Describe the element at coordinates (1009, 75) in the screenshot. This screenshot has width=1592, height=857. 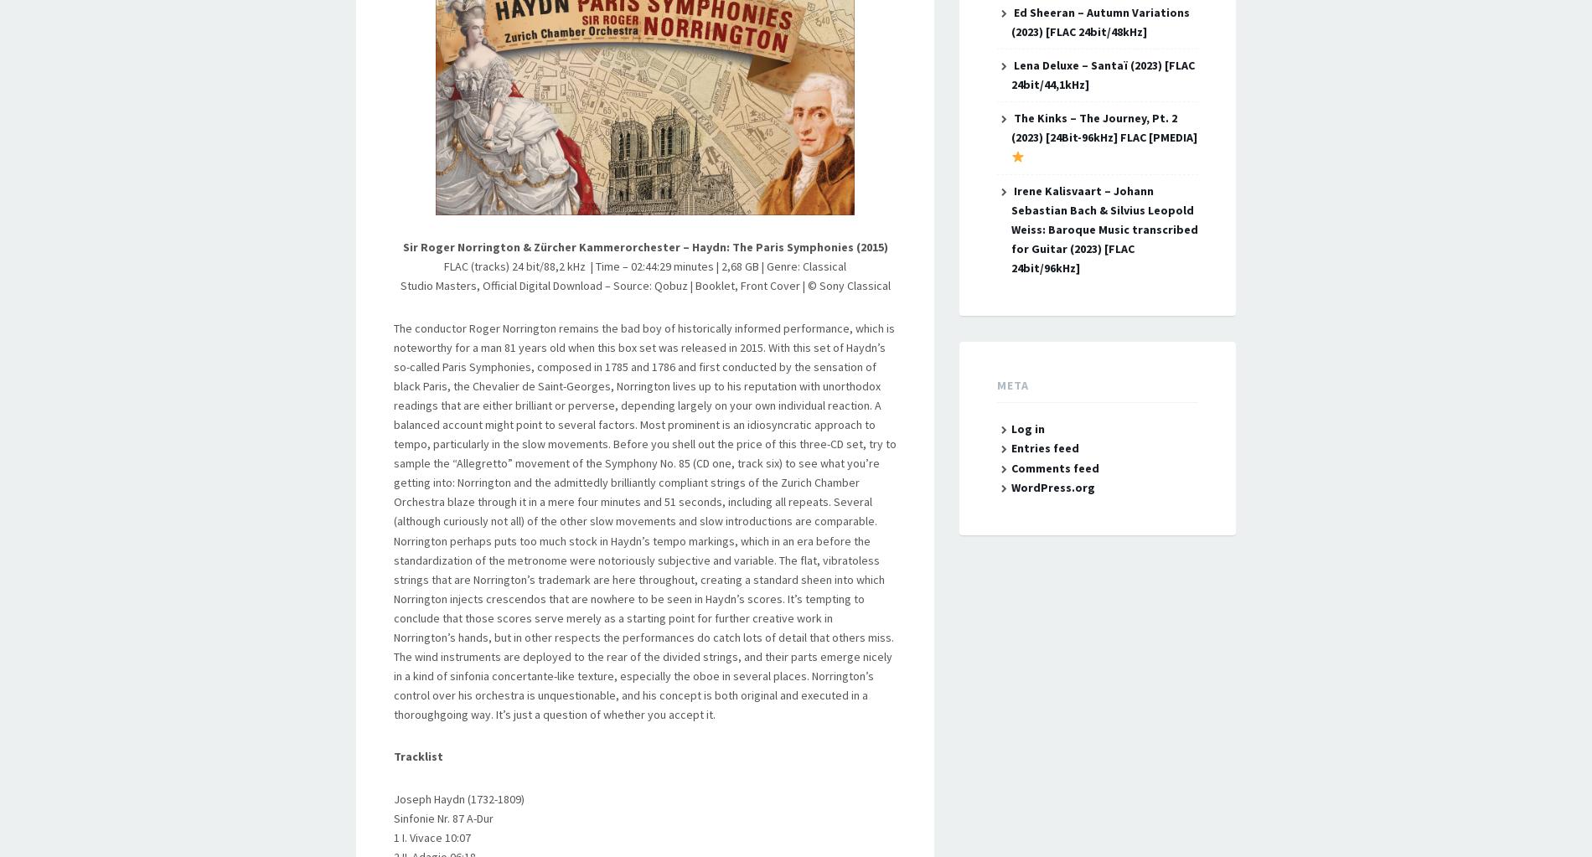
I see `'Lena Deluxe – Santaï (2023) [FLAC 24bit/44,1kHz]'` at that location.